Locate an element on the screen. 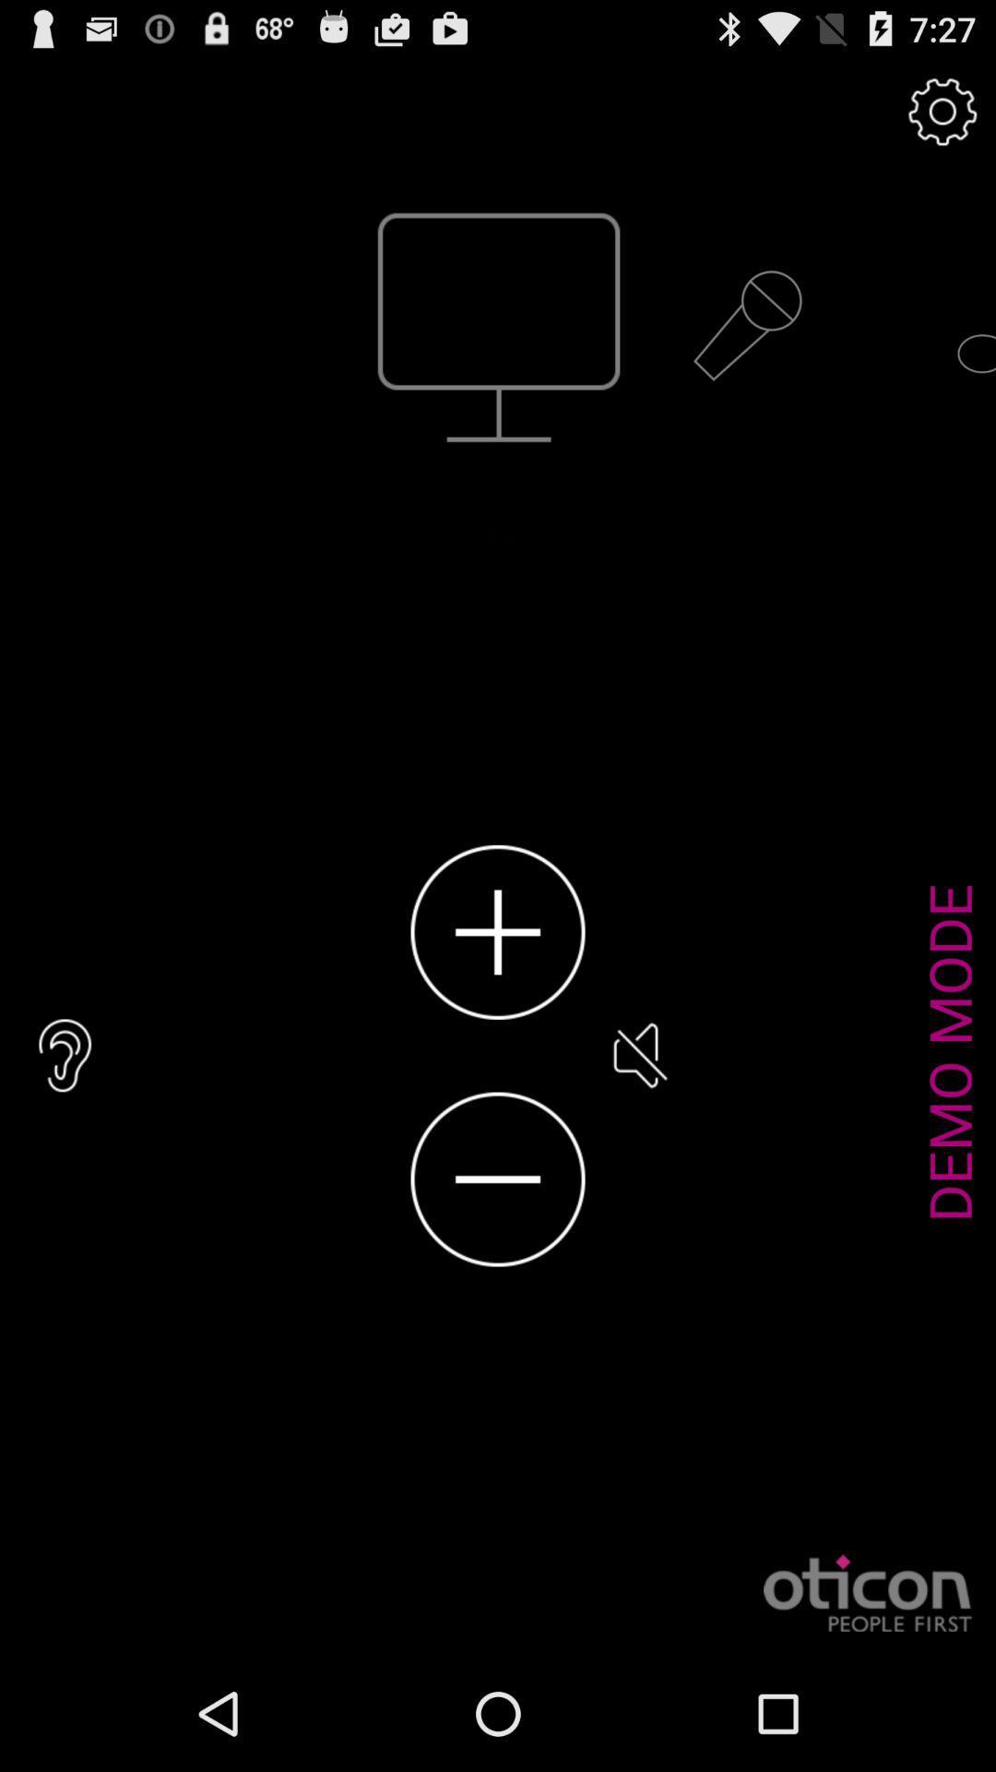 The width and height of the screenshot is (996, 1772). icon next to demo mode is located at coordinates (637, 1055).